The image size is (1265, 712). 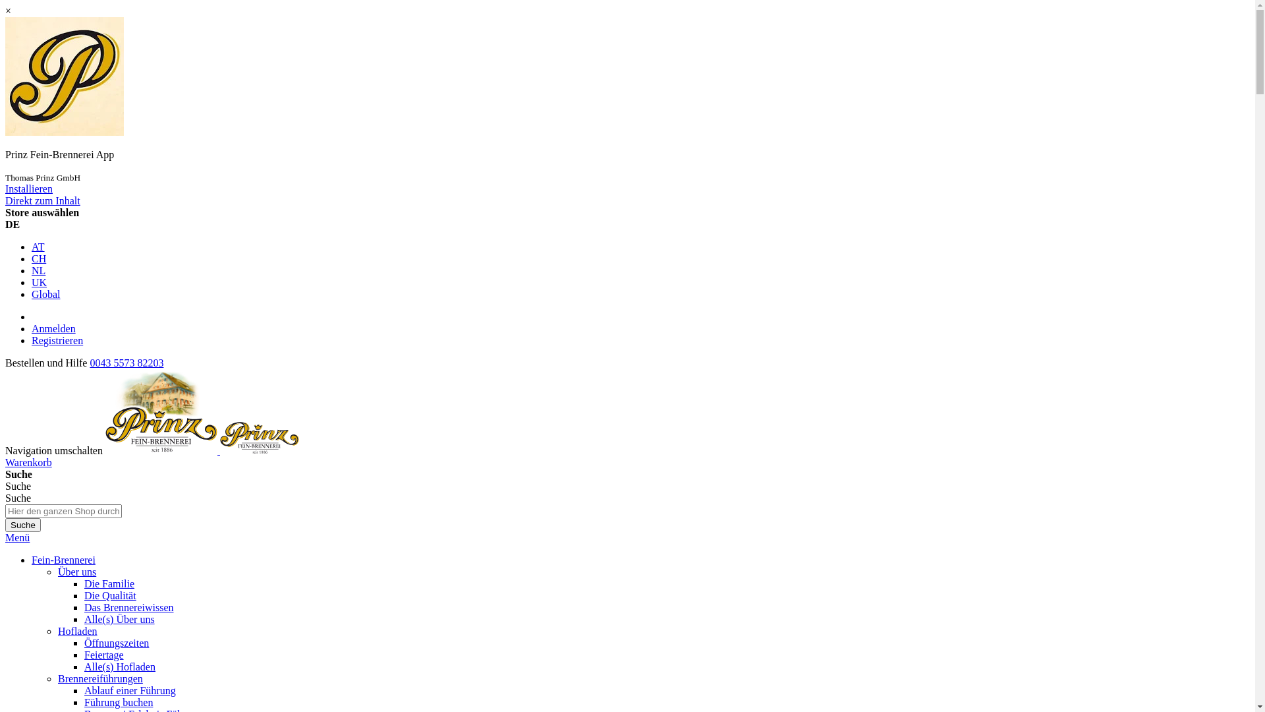 What do you see at coordinates (46, 293) in the screenshot?
I see `'Global'` at bounding box center [46, 293].